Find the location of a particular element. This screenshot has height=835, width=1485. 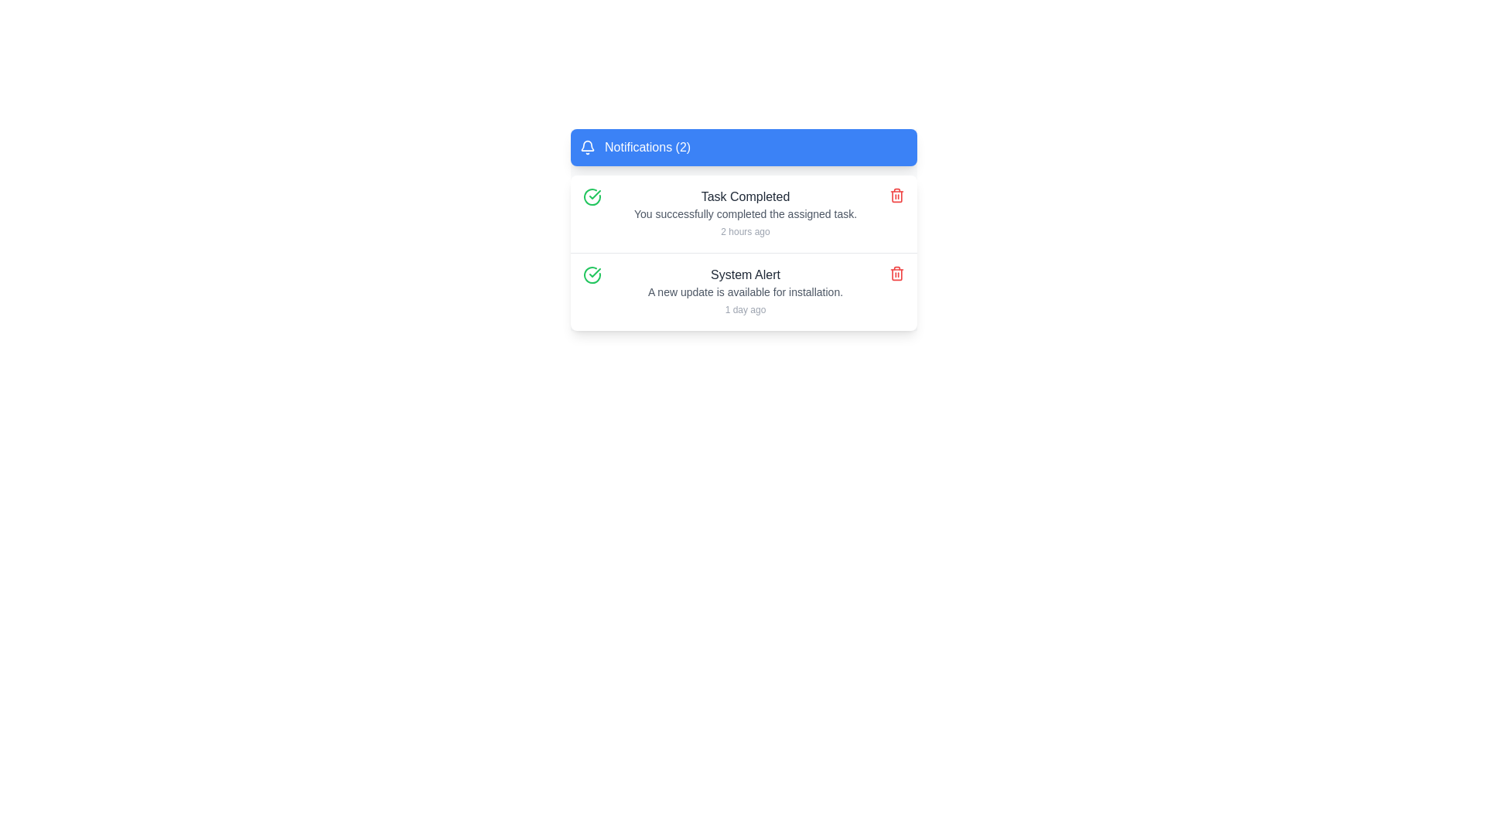

the small text label displaying '1 day ago', which is styled in light gray and positioned under the 'System Alert' message in the bottom right corner of the alert block is located at coordinates (746, 310).